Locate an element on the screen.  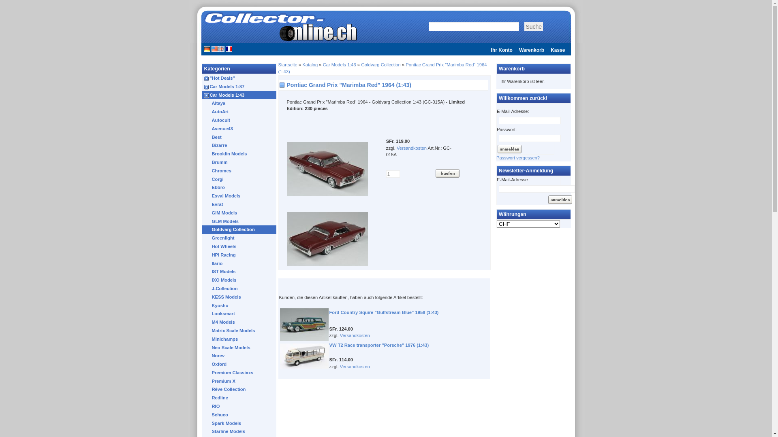
'Ihr Konto' is located at coordinates (501, 50).